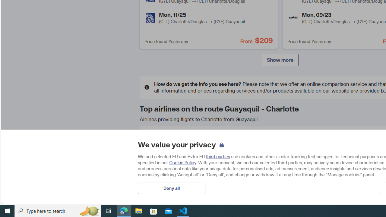 The image size is (386, 217). What do you see at coordinates (182, 162) in the screenshot?
I see `'Cookie Policy'` at bounding box center [182, 162].